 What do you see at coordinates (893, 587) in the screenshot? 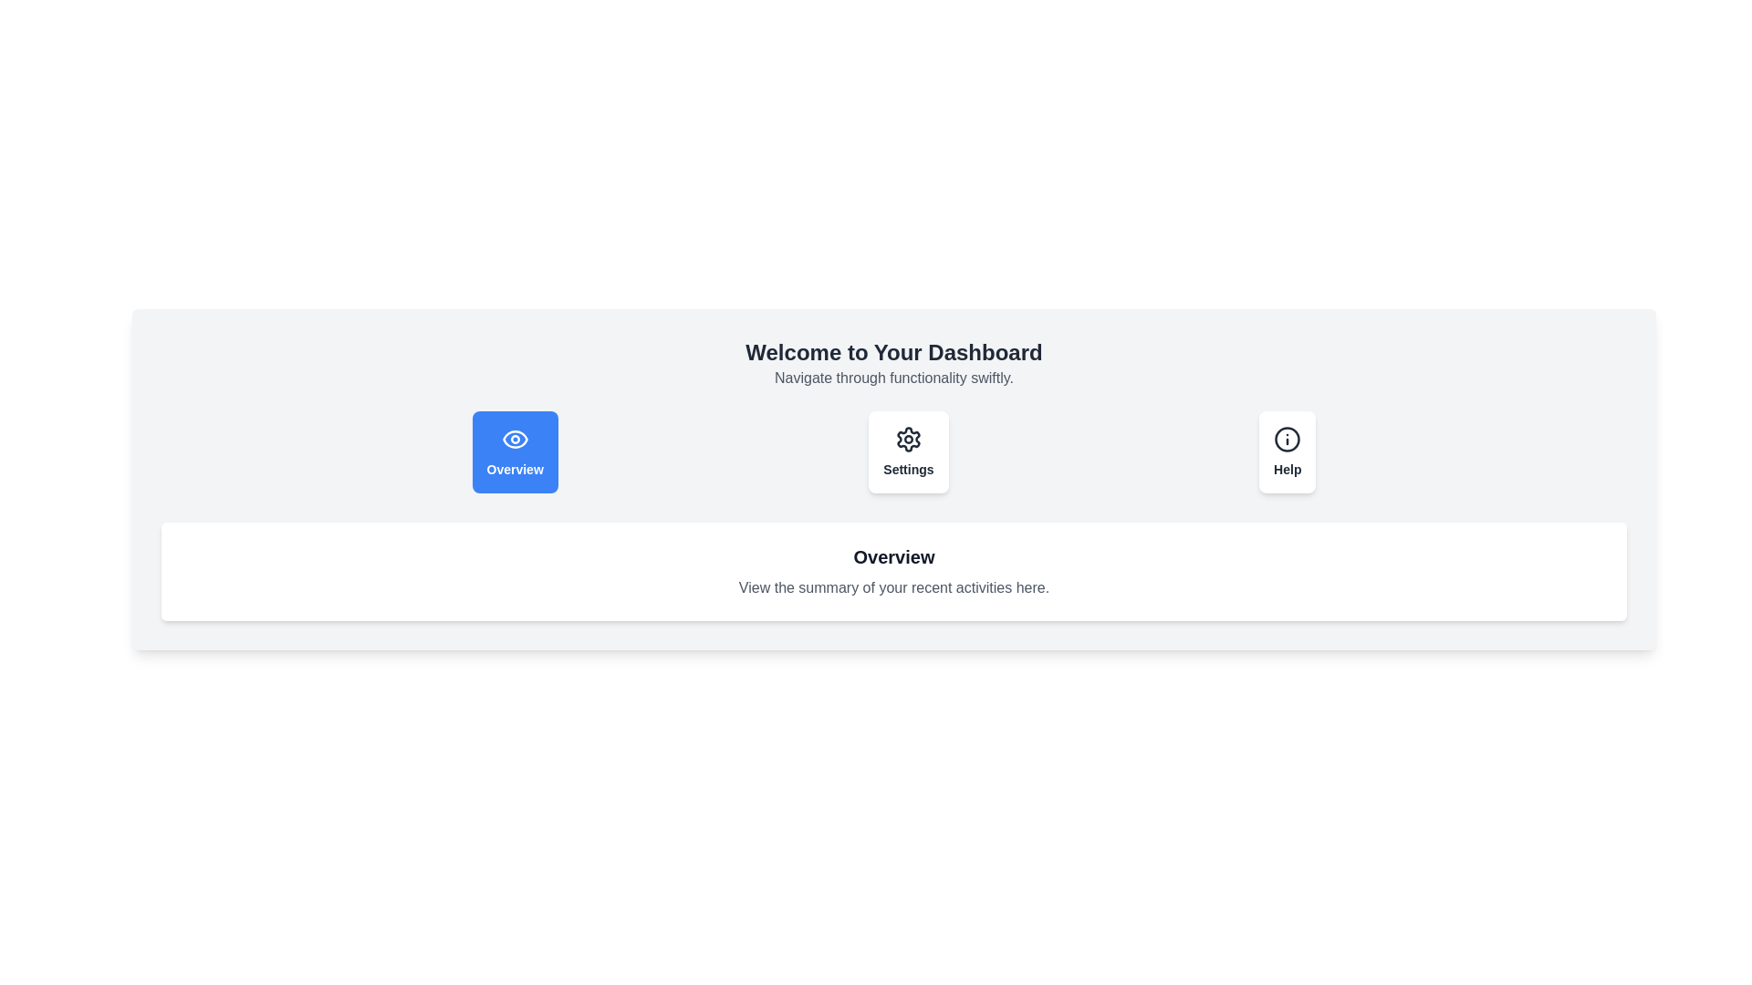
I see `the Text label located underneath the 'Overview' title, which is part of a panel with a white background and rounded corners` at bounding box center [893, 587].